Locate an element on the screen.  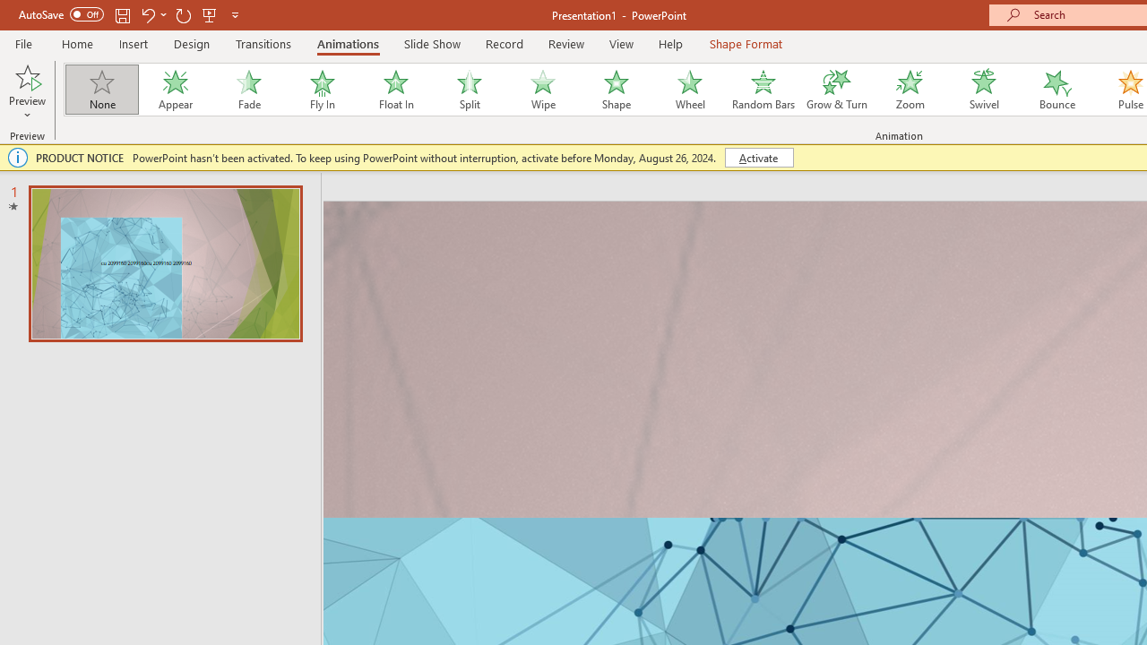
'Fade' is located at coordinates (247, 90).